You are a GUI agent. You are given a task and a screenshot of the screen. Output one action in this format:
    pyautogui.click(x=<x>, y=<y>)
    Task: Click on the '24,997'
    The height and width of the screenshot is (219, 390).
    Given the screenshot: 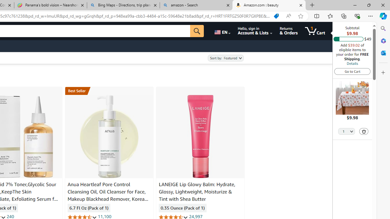 What is the action you would take?
    pyautogui.click(x=196, y=216)
    